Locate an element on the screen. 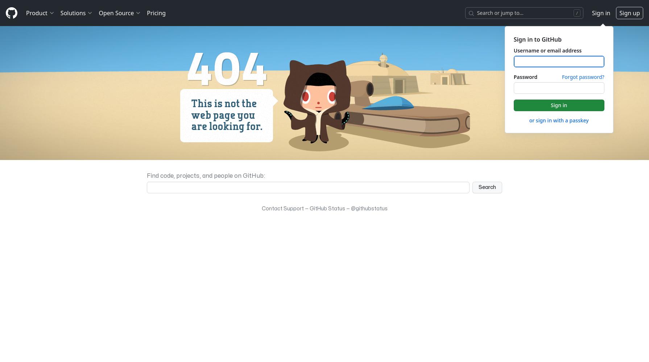  'White papers, Ebooks, Webinars' is located at coordinates (99, 182).